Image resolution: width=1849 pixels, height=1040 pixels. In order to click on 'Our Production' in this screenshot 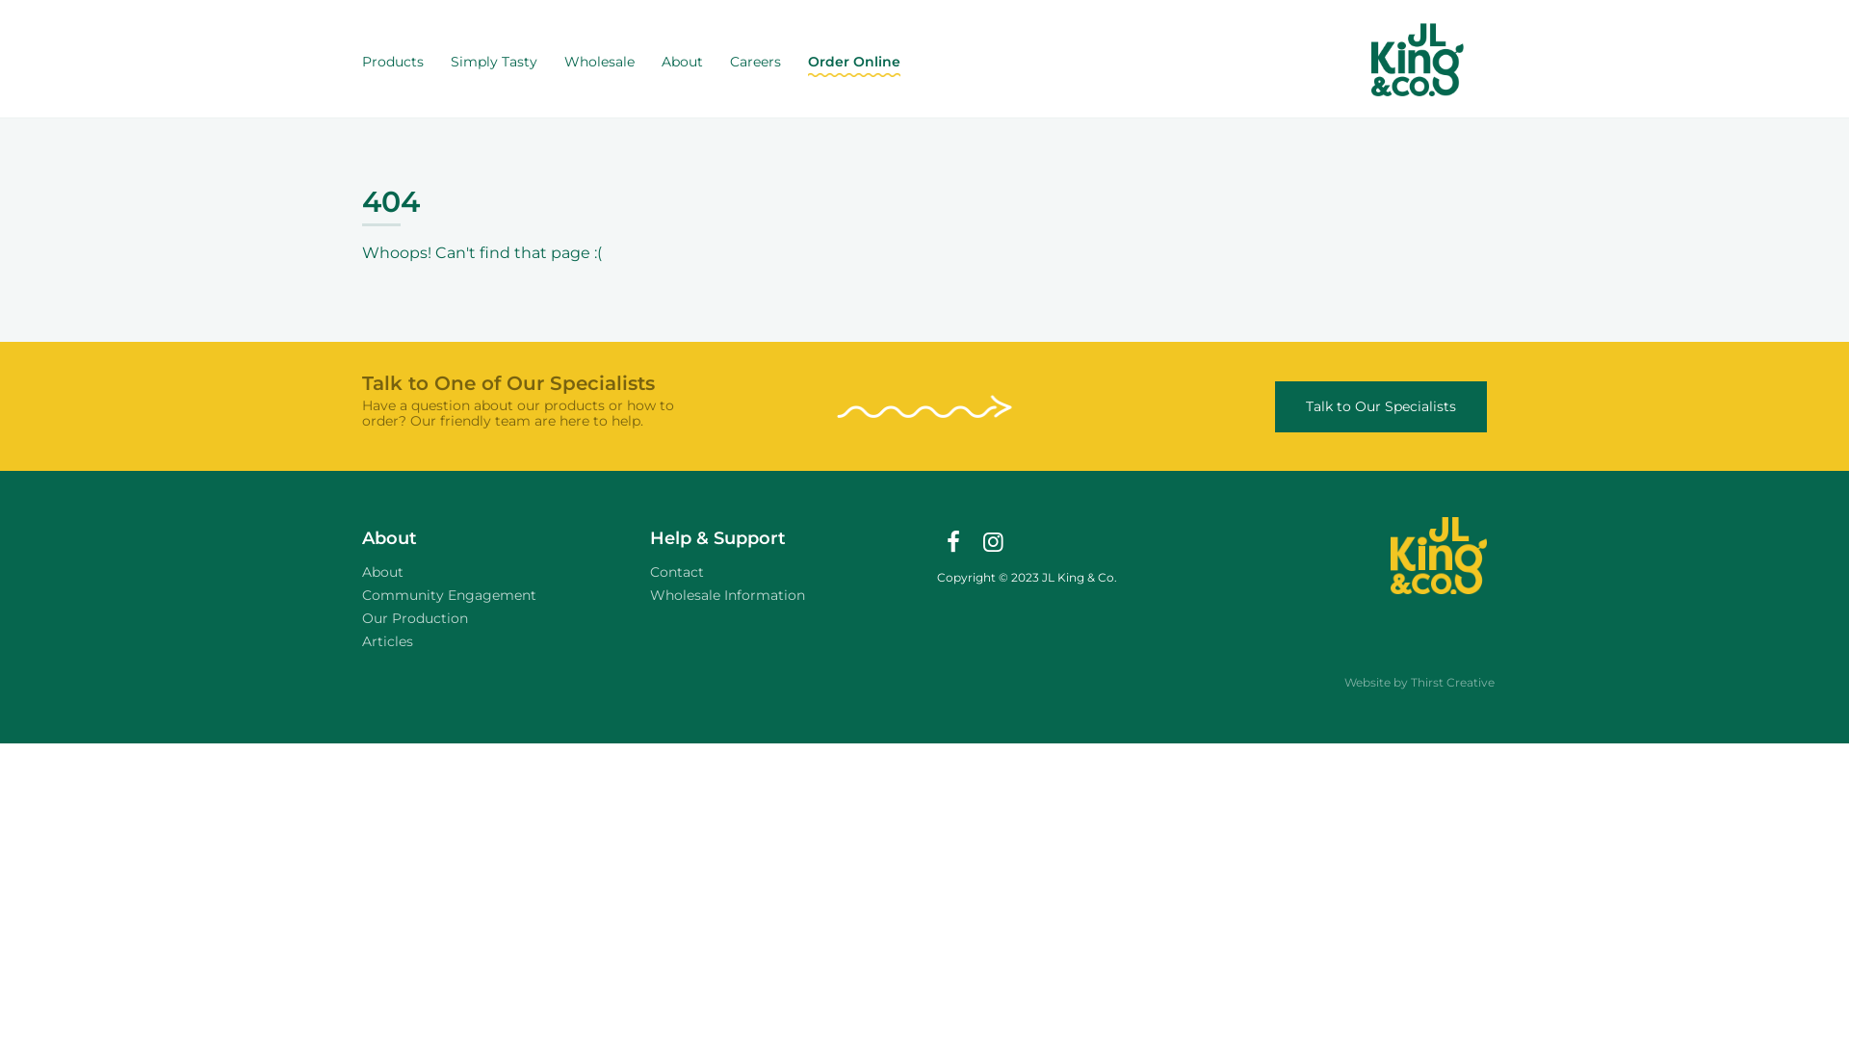, I will do `click(414, 617)`.